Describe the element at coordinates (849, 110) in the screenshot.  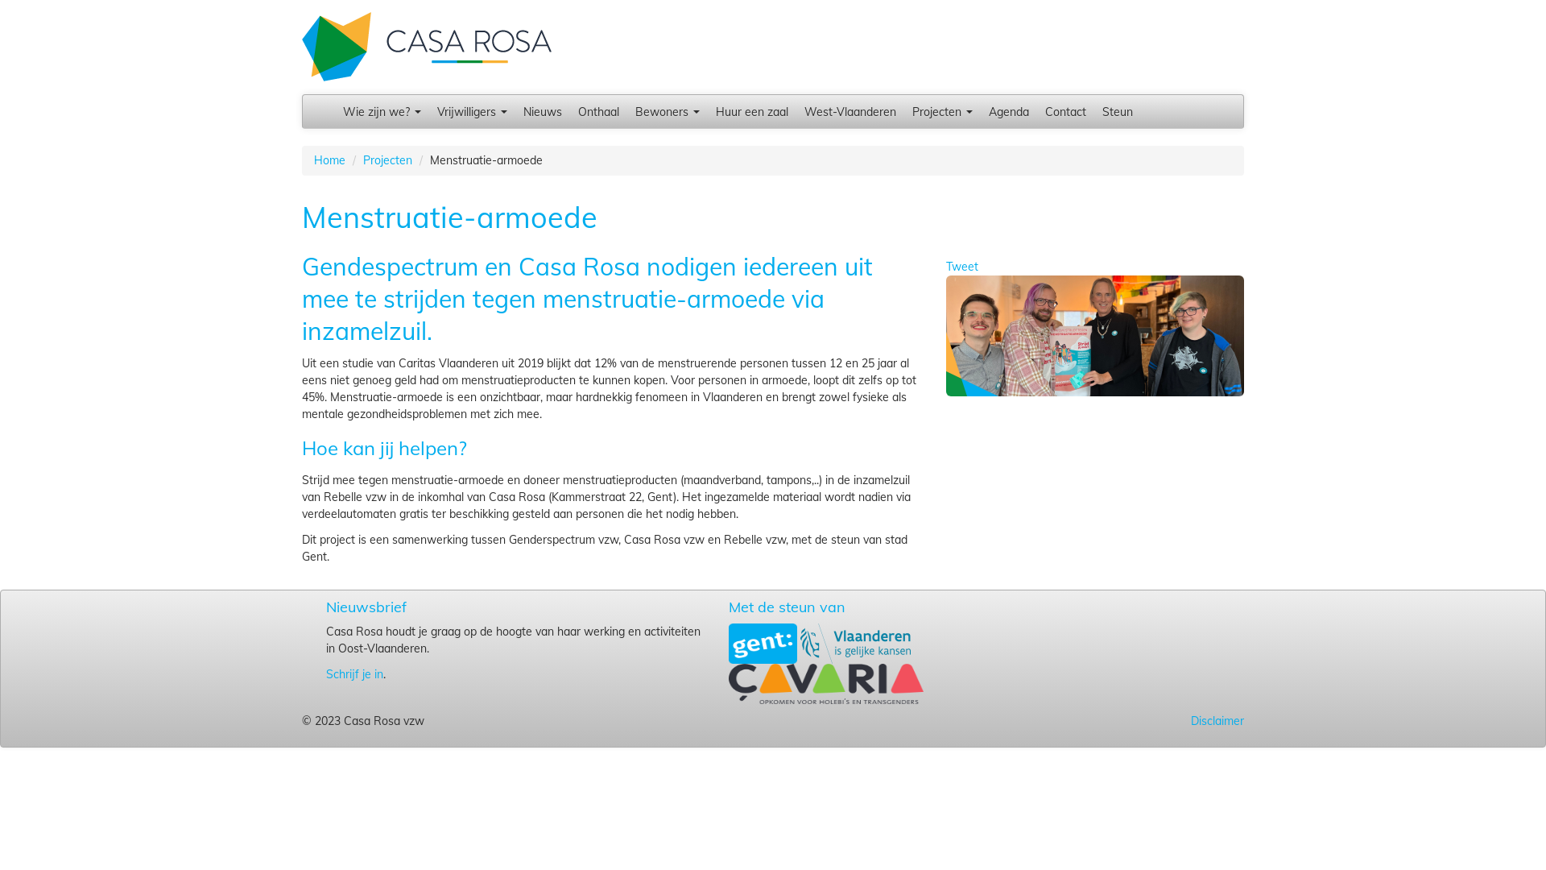
I see `'West-Vlaanderen'` at that location.